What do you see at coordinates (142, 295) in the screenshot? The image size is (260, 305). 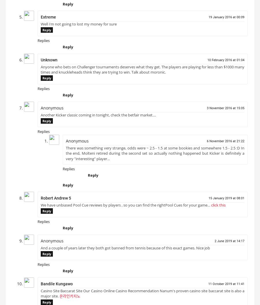 I see `'Casino Site Baccarat Site Our Casino Online Casino Recommendation Nanum's proven casino site baccarat site is also a major site.'` at bounding box center [142, 295].